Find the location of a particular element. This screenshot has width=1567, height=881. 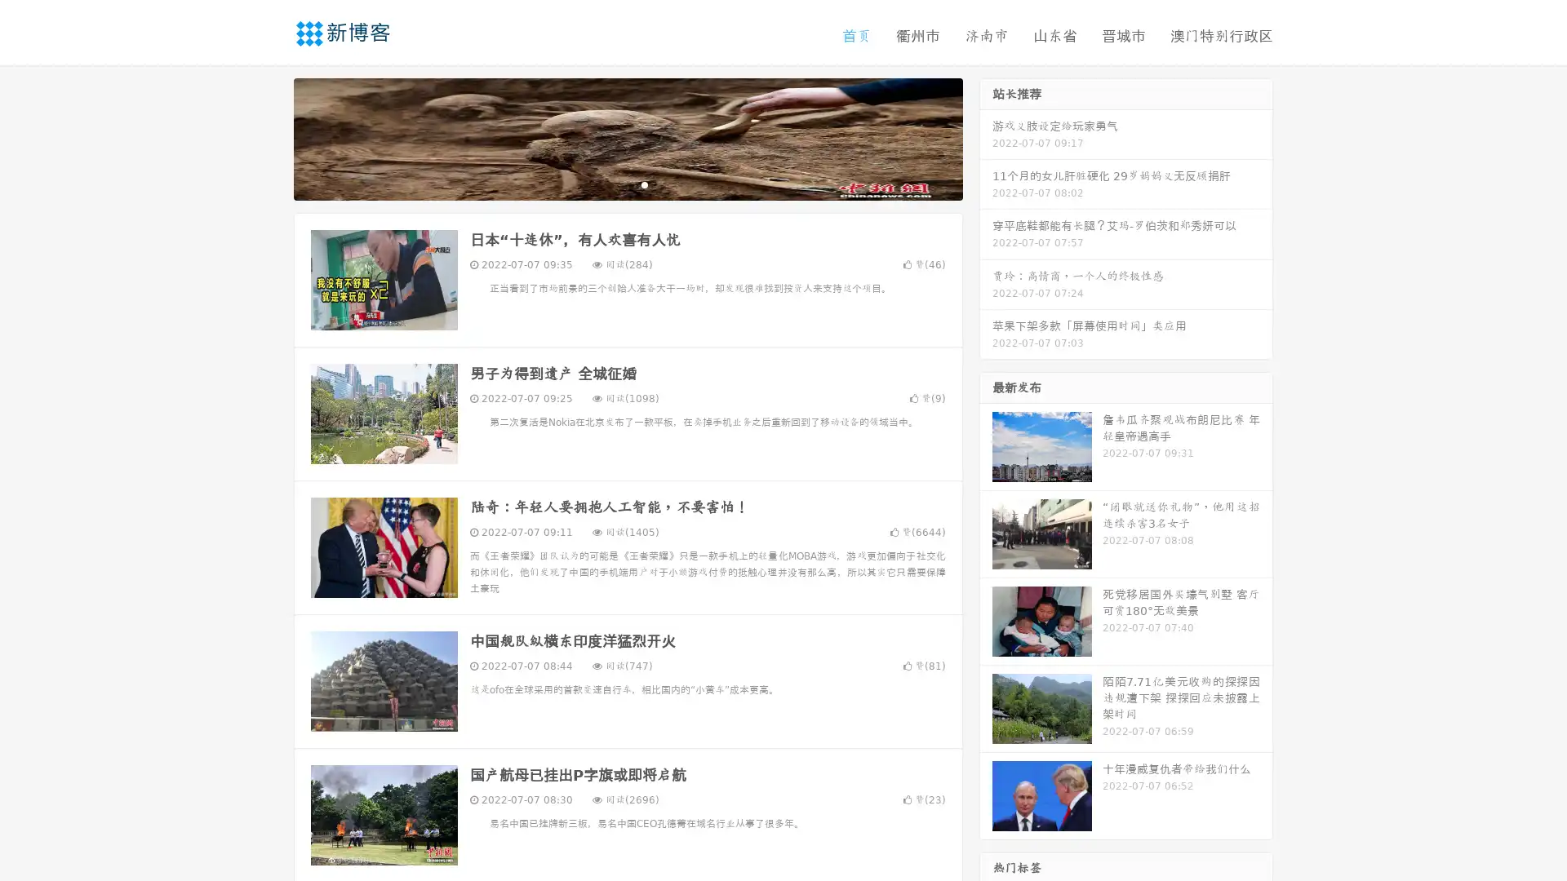

Previous slide is located at coordinates (269, 137).